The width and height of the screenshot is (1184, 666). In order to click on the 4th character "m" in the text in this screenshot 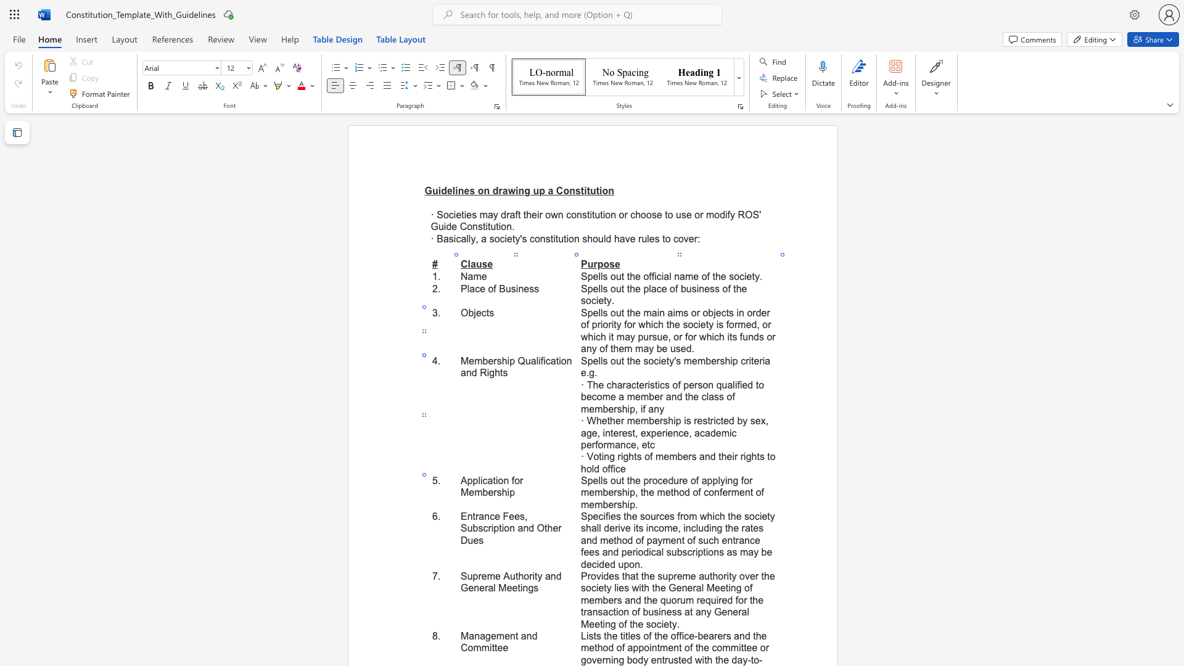, I will do `click(735, 491)`.